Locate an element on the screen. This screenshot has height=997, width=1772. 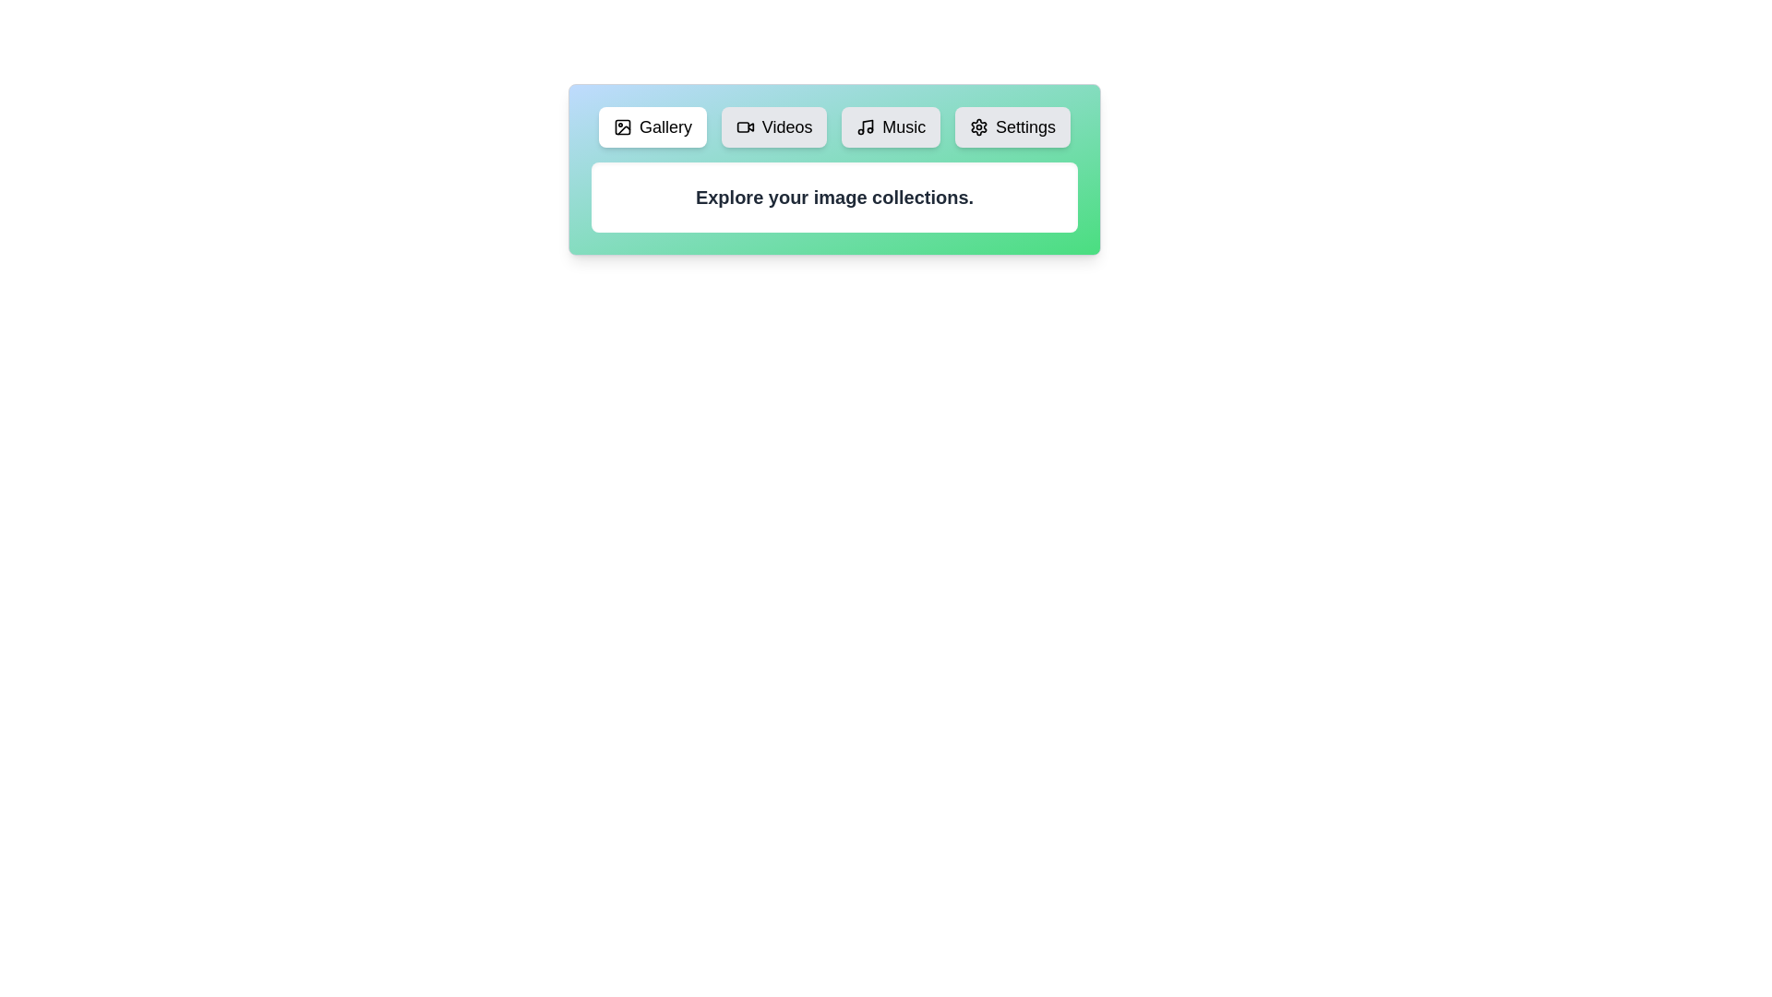
the tab labeled Music to observe its hover effect is located at coordinates (891, 126).